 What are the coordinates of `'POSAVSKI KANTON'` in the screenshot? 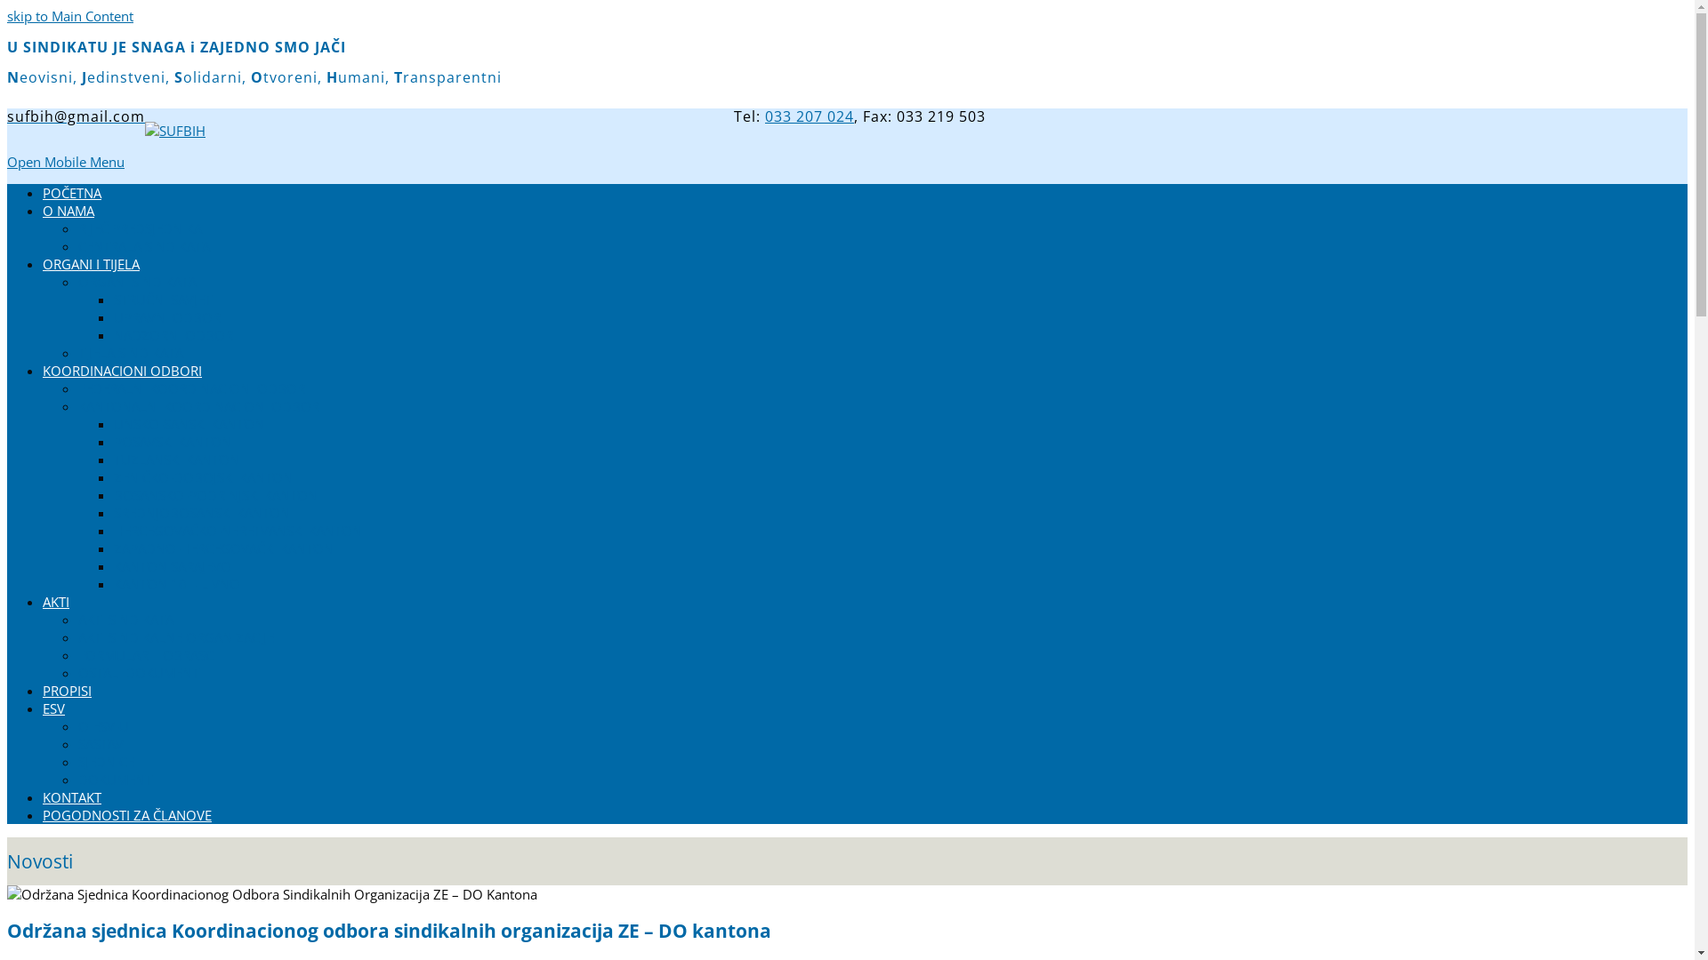 It's located at (172, 441).